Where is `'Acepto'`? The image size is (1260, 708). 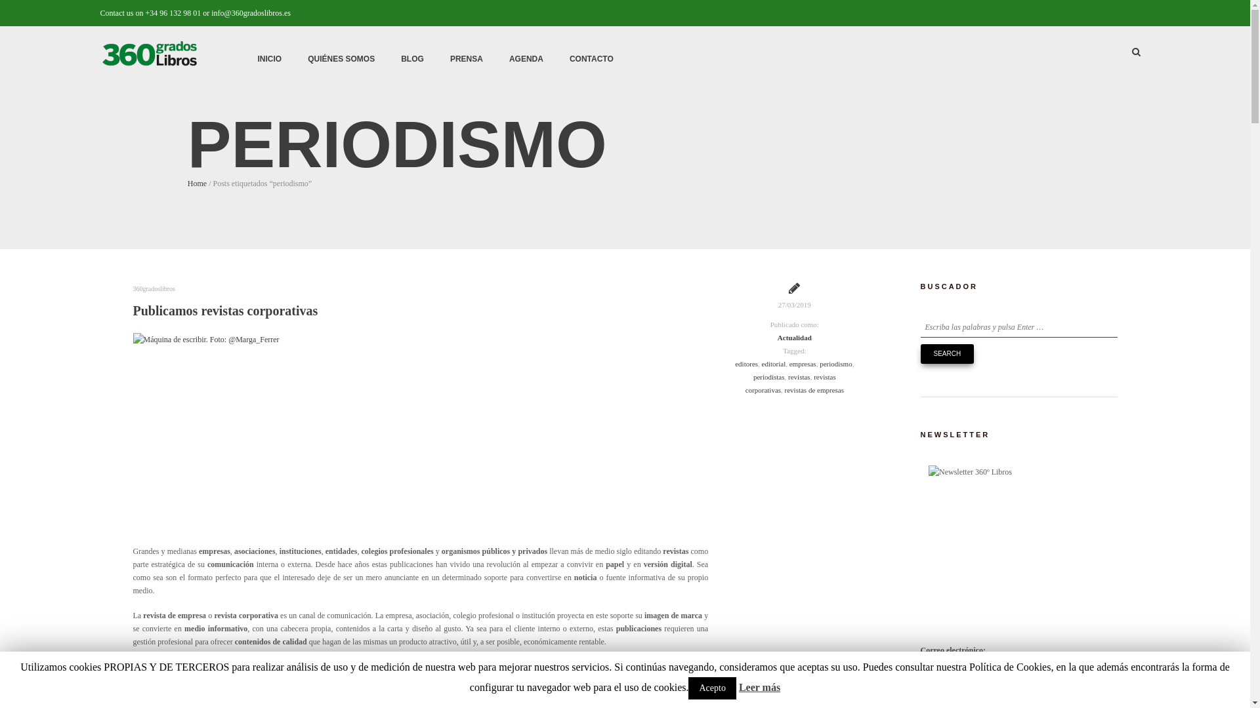 'Acepto' is located at coordinates (711, 687).